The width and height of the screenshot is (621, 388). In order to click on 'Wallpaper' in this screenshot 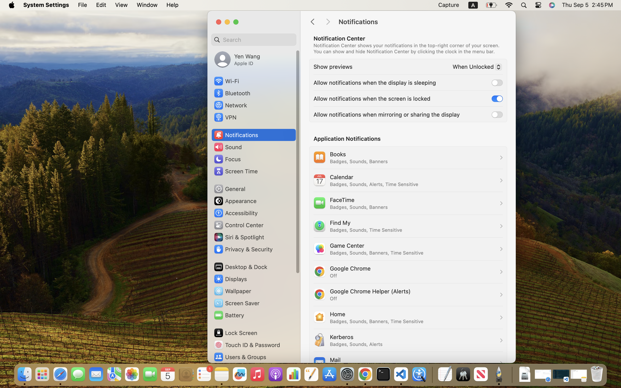, I will do `click(232, 291)`.